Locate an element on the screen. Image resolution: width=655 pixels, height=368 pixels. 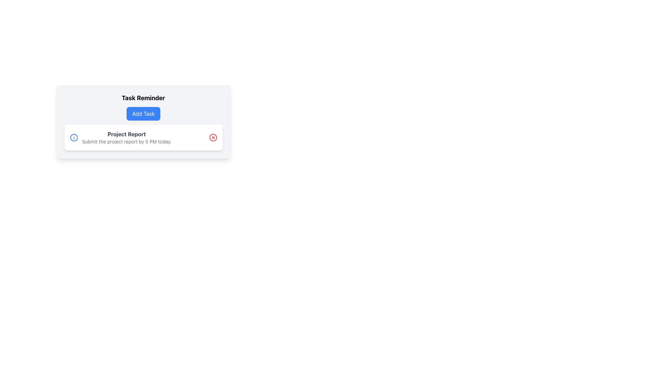
the red circular icon button with a white 'X' symbol is located at coordinates (213, 138).